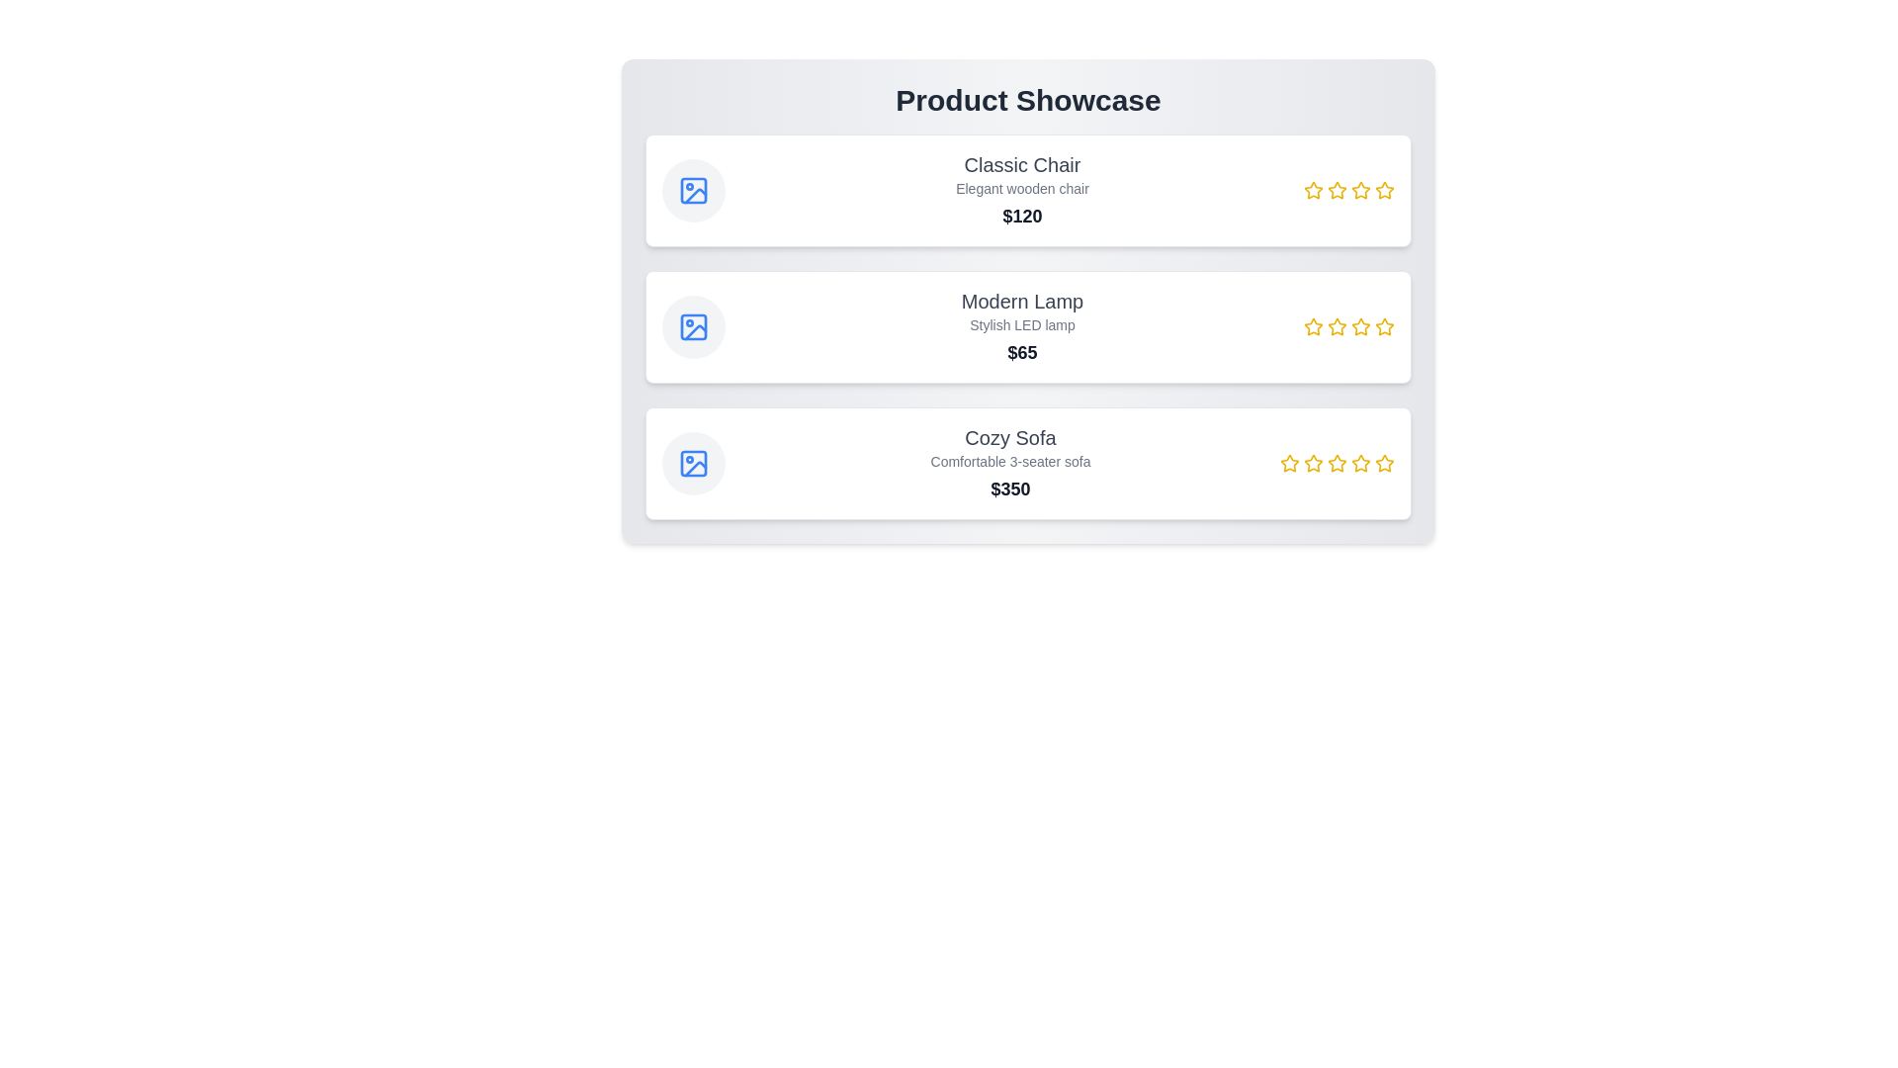  What do you see at coordinates (1360, 190) in the screenshot?
I see `the rating for a product to 3 stars` at bounding box center [1360, 190].